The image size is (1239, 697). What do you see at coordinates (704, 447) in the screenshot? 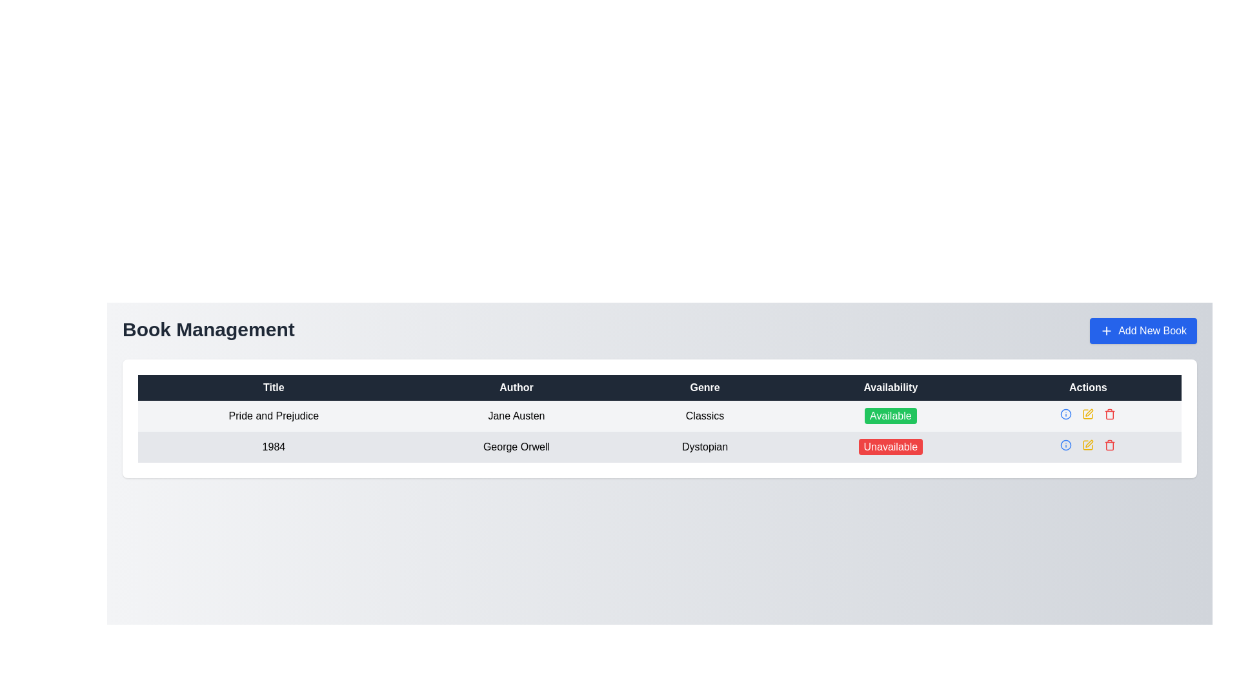
I see `the text label in the third cell of the second row of the table that represents the literary genre of the book '1984'` at bounding box center [704, 447].